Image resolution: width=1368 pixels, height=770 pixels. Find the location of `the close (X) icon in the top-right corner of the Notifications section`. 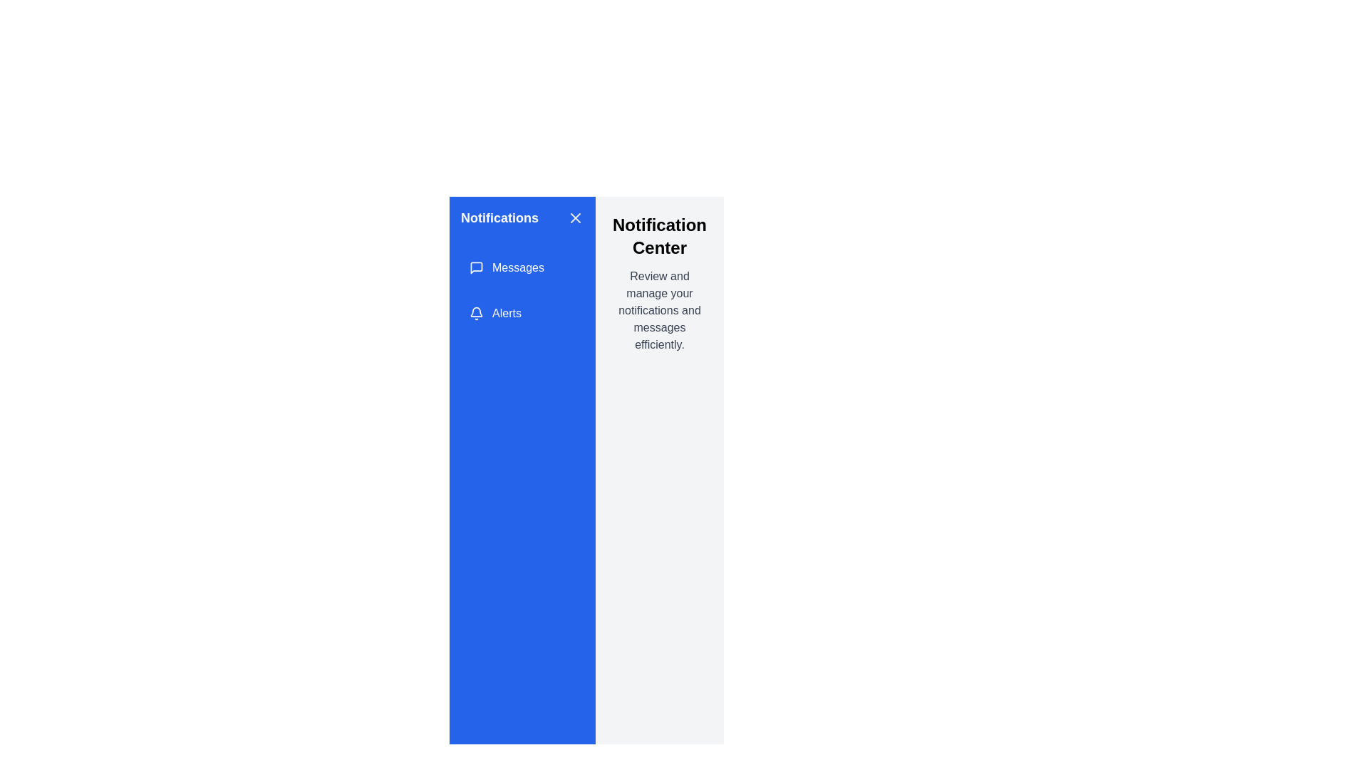

the close (X) icon in the top-right corner of the Notifications section is located at coordinates (575, 217).